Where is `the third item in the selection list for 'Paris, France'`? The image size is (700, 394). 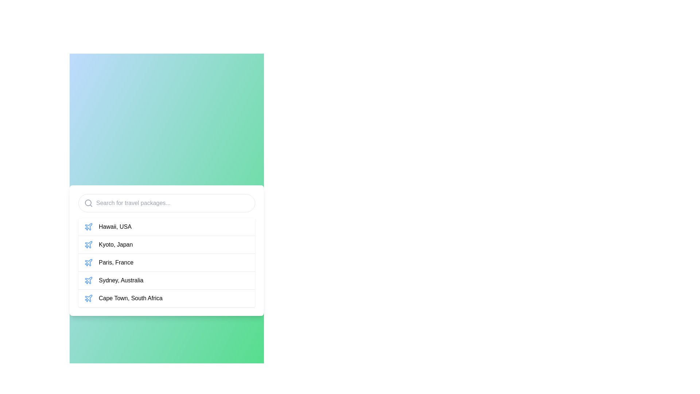
the third item in the selection list for 'Paris, France' is located at coordinates (166, 262).